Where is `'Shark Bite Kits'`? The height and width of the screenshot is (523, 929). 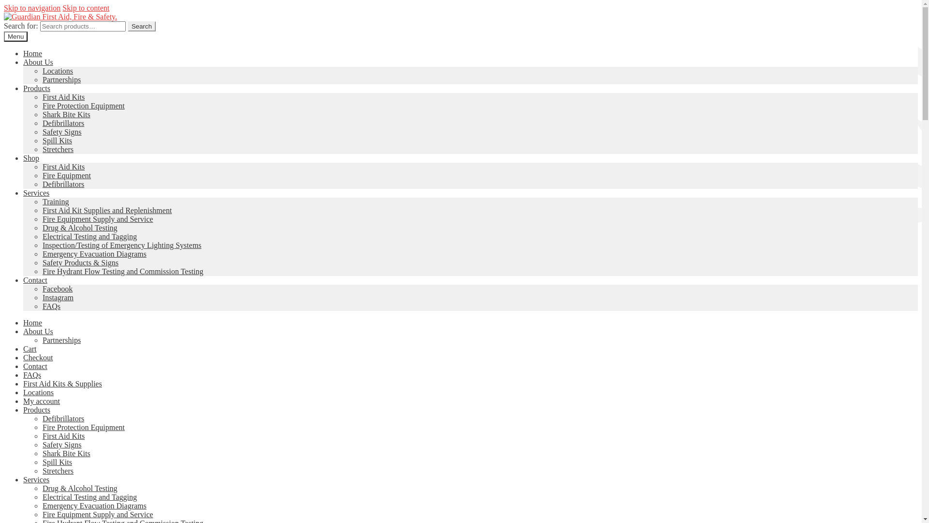 'Shark Bite Kits' is located at coordinates (66, 453).